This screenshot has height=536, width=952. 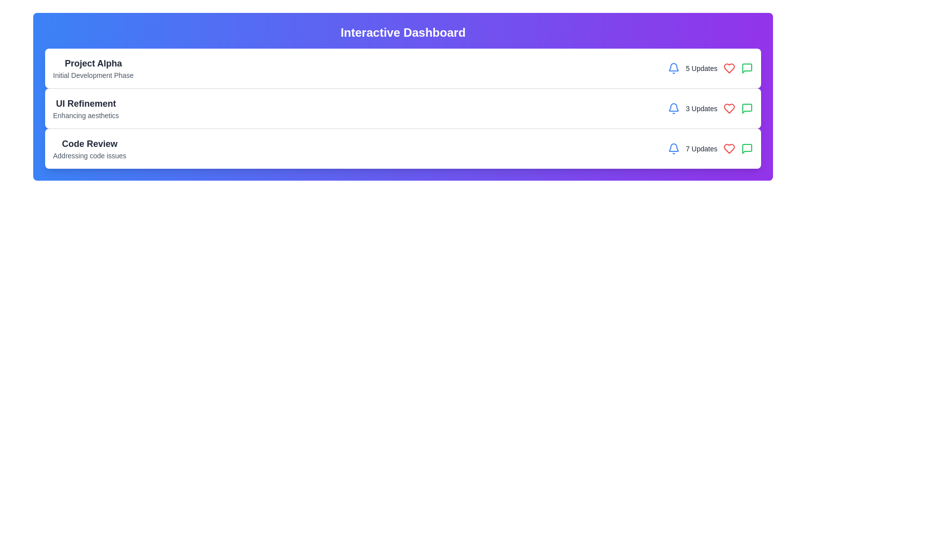 I want to click on the text label displaying the number of updates for 'Project Alpha', located at the top-right of the card, next to a bell icon, so click(x=710, y=68).